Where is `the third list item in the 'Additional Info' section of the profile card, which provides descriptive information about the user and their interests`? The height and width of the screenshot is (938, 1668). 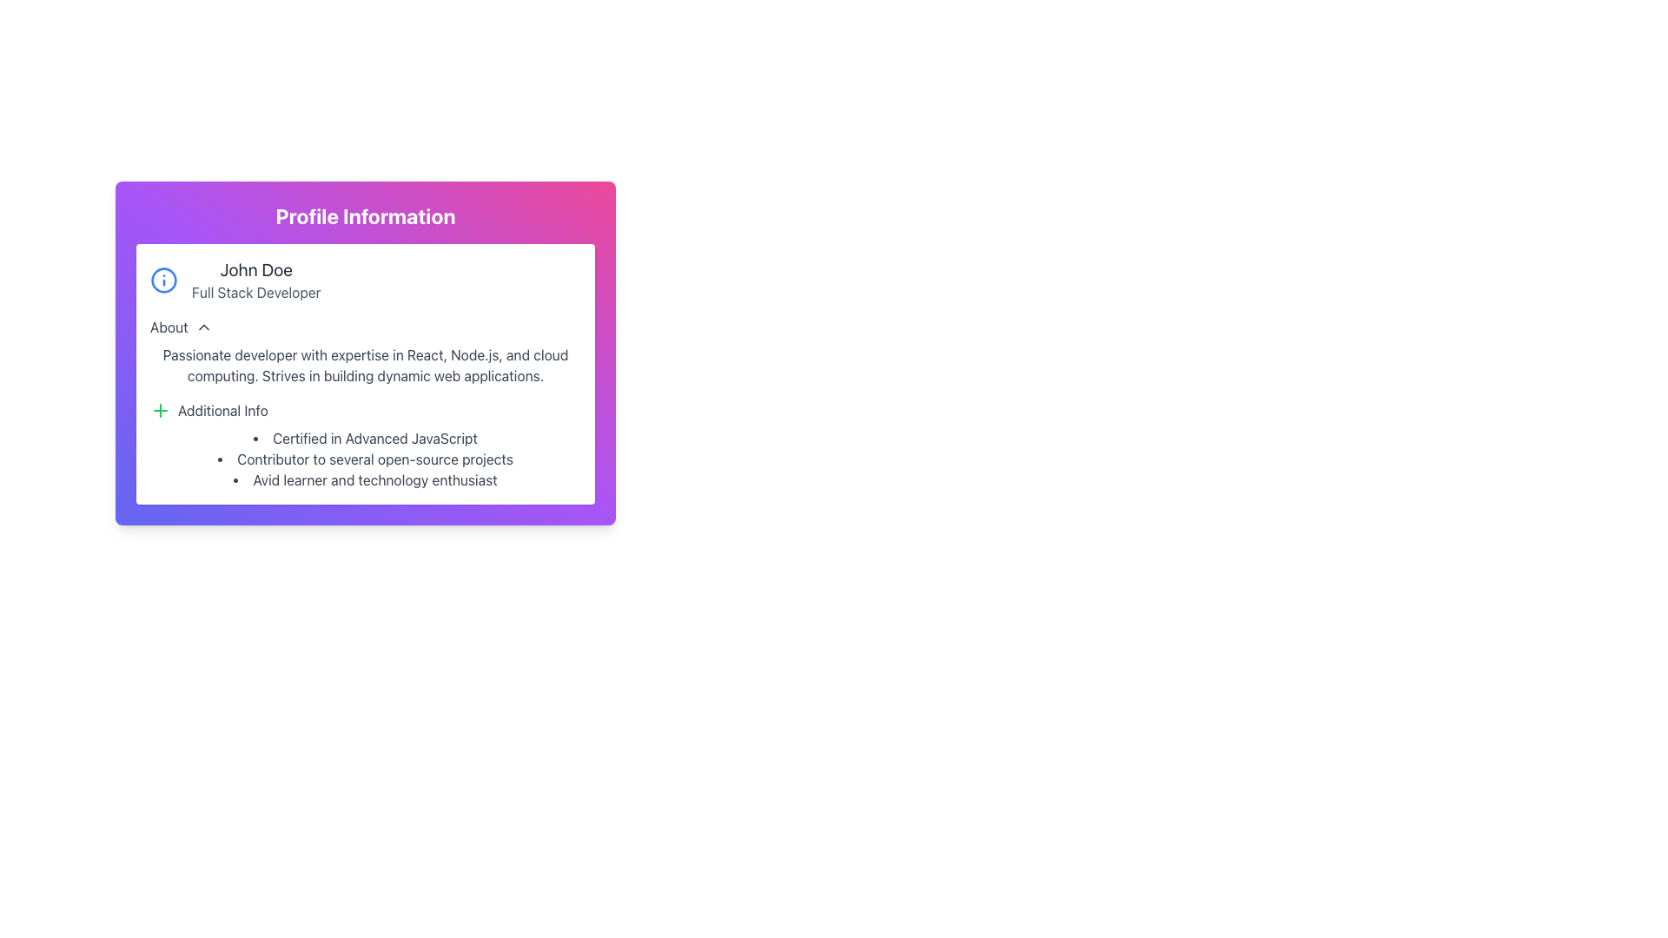 the third list item in the 'Additional Info' section of the profile card, which provides descriptive information about the user and their interests is located at coordinates (365, 479).